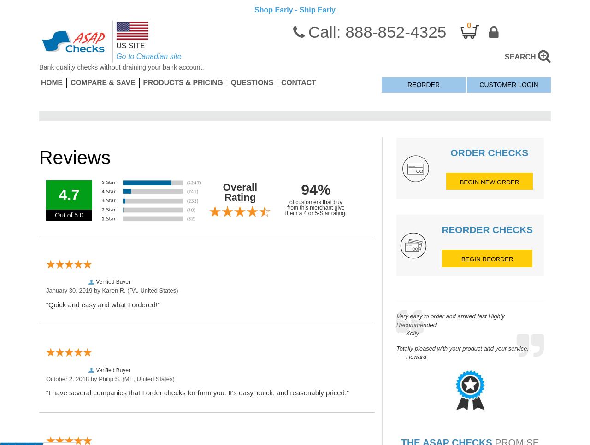 The height and width of the screenshot is (445, 590). What do you see at coordinates (148, 56) in the screenshot?
I see `'Go to Canadian site'` at bounding box center [148, 56].